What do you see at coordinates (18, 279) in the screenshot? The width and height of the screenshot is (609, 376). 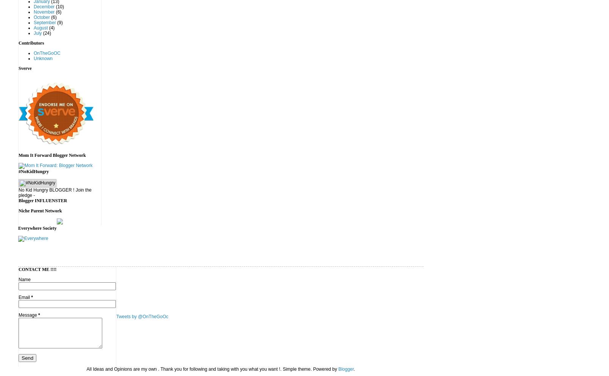 I see `'Name'` at bounding box center [18, 279].